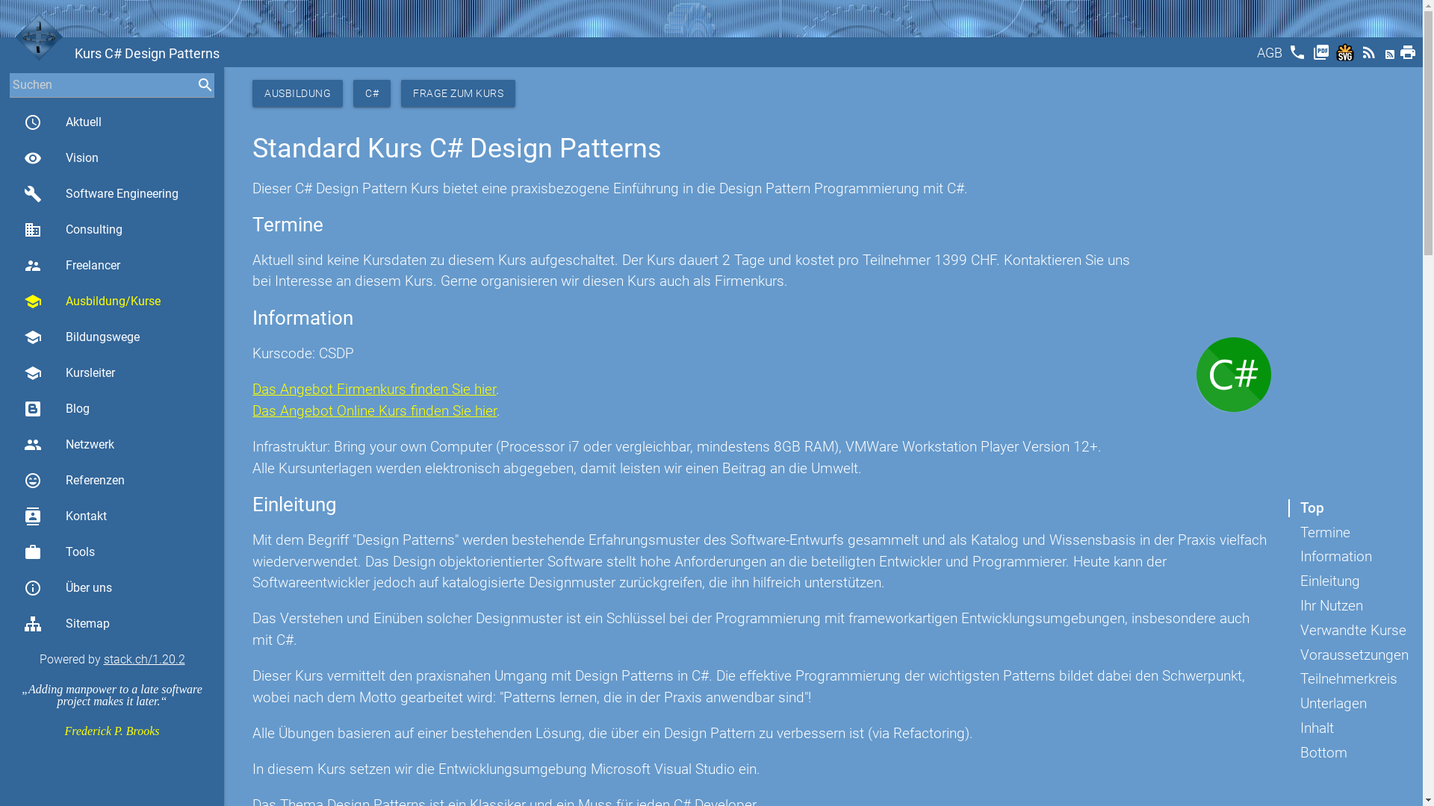 The width and height of the screenshot is (1434, 806). What do you see at coordinates (1390, 56) in the screenshot?
I see `'Atom'` at bounding box center [1390, 56].